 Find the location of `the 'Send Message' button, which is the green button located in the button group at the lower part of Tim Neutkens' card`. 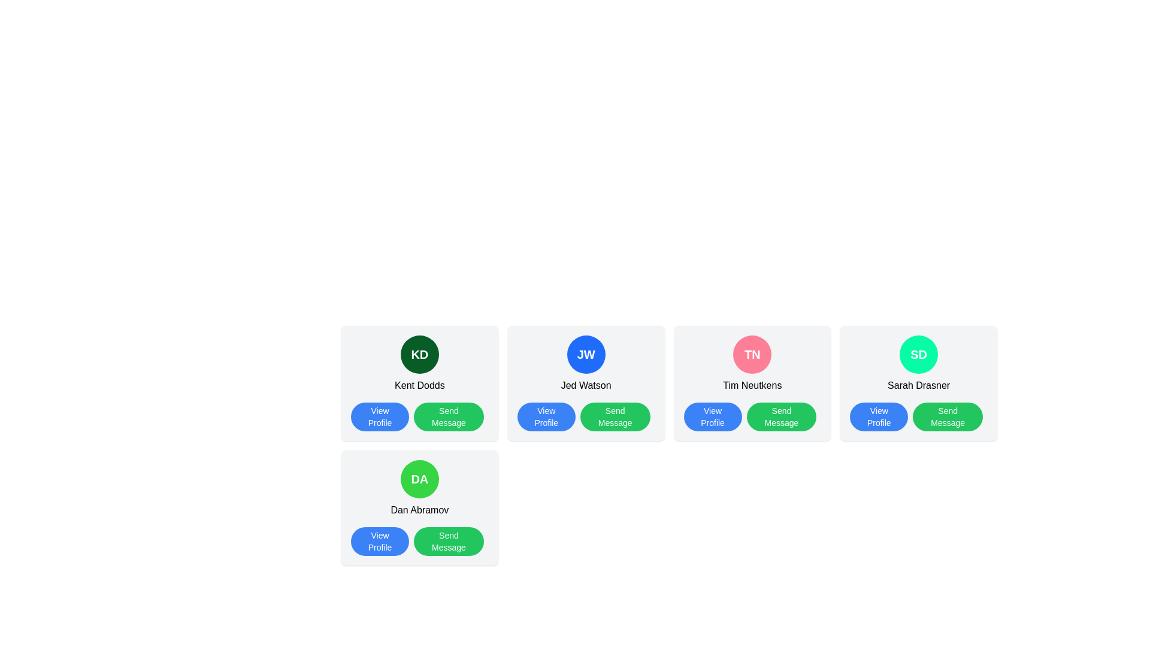

the 'Send Message' button, which is the green button located in the button group at the lower part of Tim Neutkens' card is located at coordinates (752, 416).